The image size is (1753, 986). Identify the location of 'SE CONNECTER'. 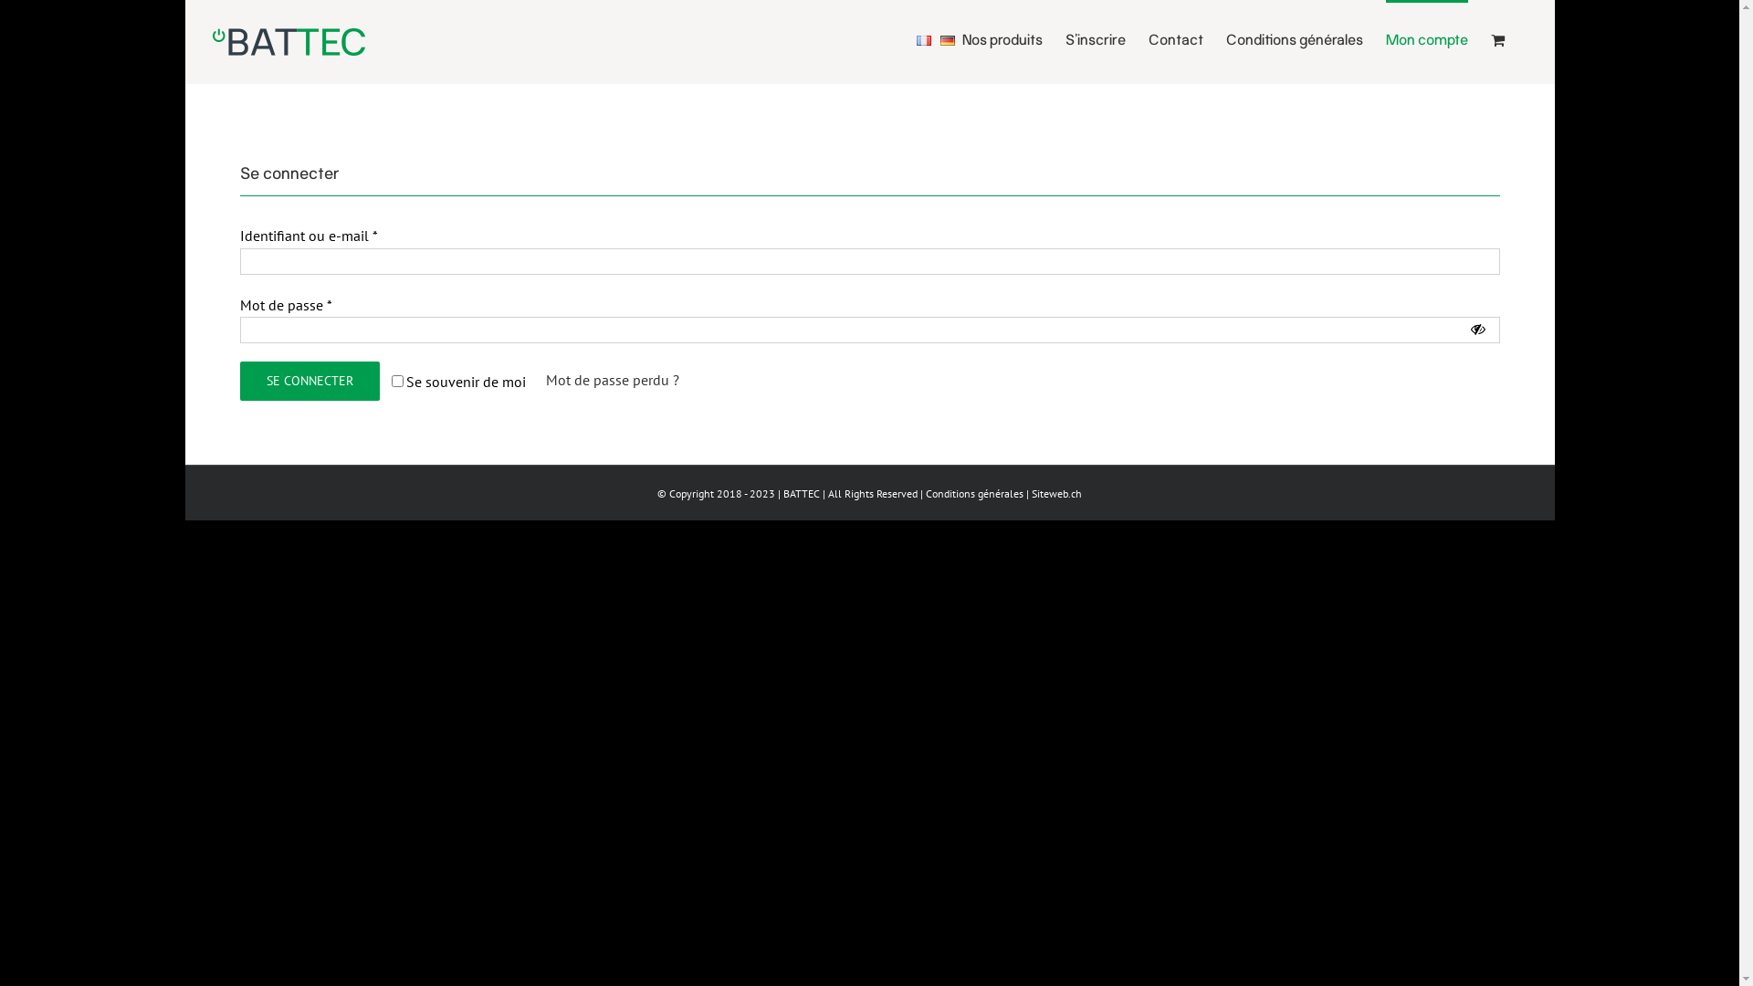
(238, 380).